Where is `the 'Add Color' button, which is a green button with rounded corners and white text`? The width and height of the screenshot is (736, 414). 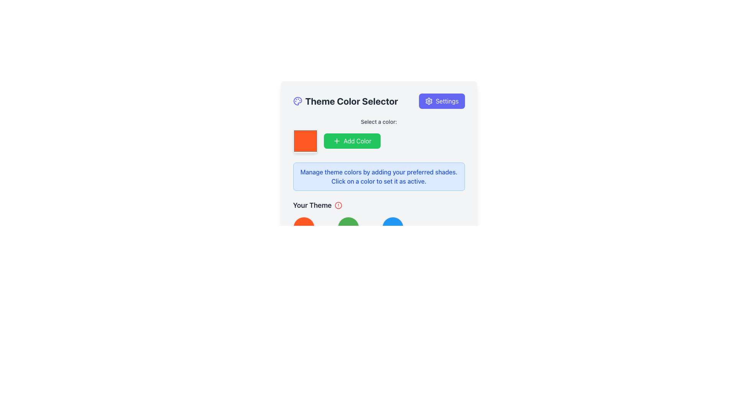
the 'Add Color' button, which is a green button with rounded corners and white text is located at coordinates (352, 141).